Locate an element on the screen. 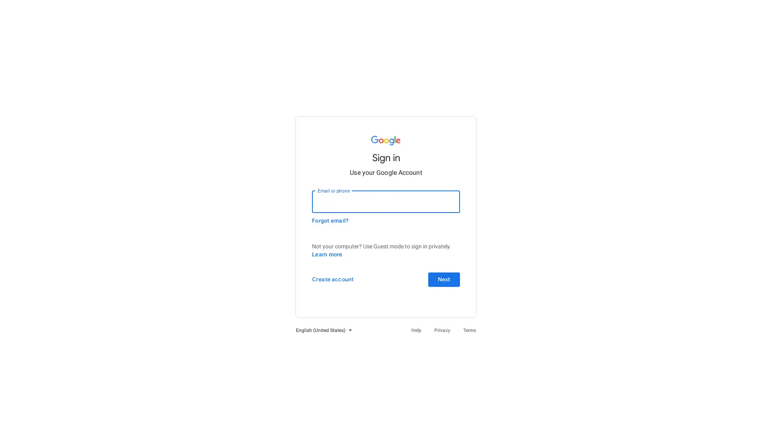 The width and height of the screenshot is (772, 434). Forgot email? is located at coordinates (330, 220).